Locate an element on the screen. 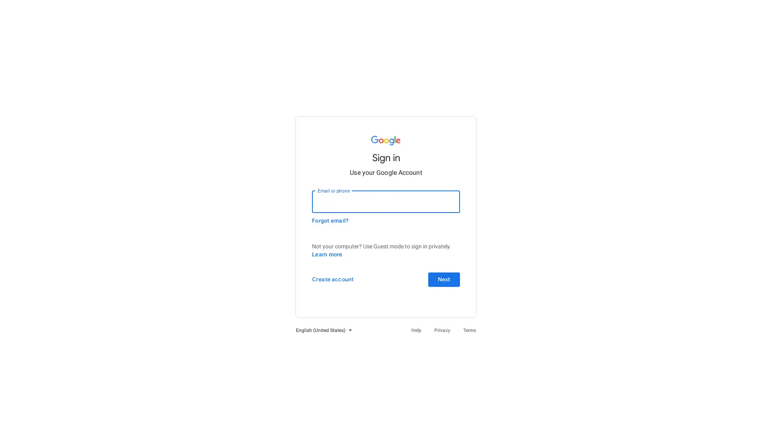 The width and height of the screenshot is (772, 434). Forgot email? is located at coordinates (330, 220).